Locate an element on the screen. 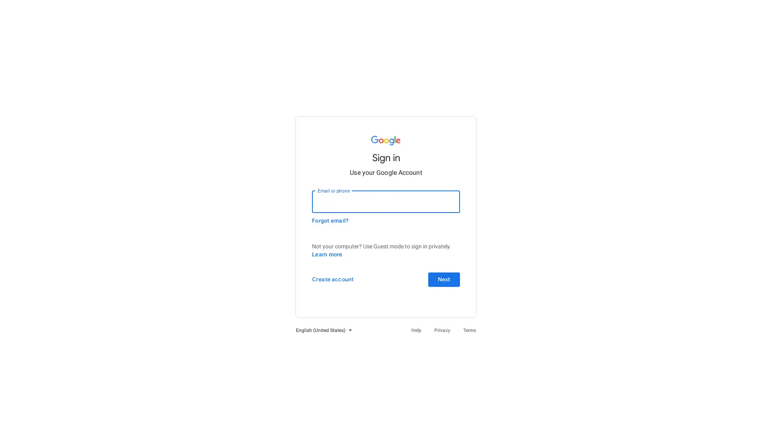 The width and height of the screenshot is (772, 434). Forgot email? is located at coordinates (330, 220).